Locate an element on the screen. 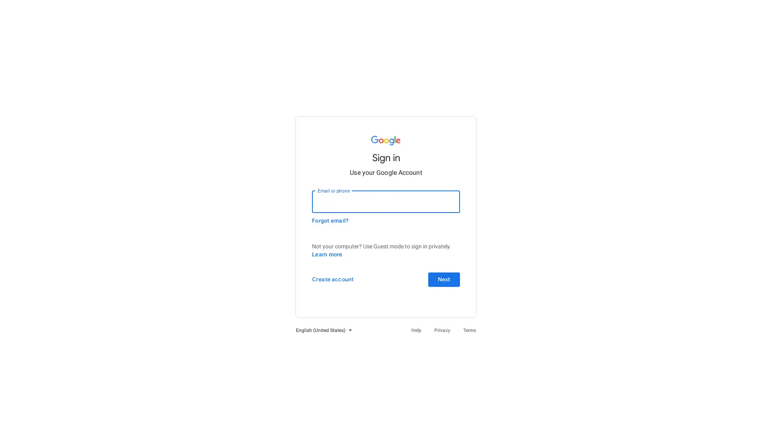 The width and height of the screenshot is (772, 434). Forgot email? is located at coordinates (330, 220).